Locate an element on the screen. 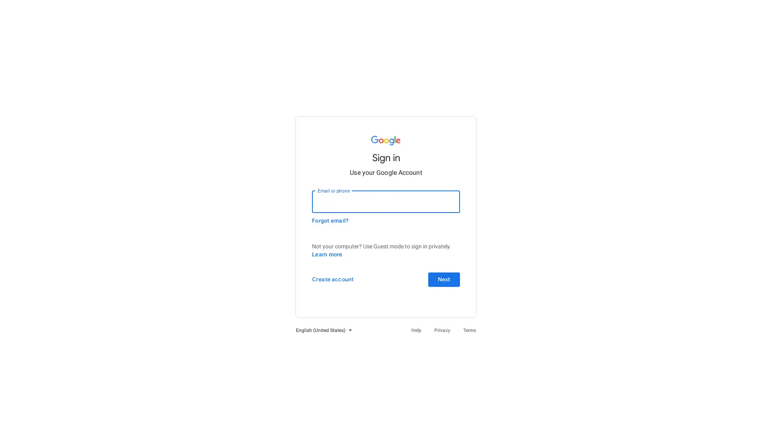 The width and height of the screenshot is (772, 434). Forgot email? is located at coordinates (330, 220).